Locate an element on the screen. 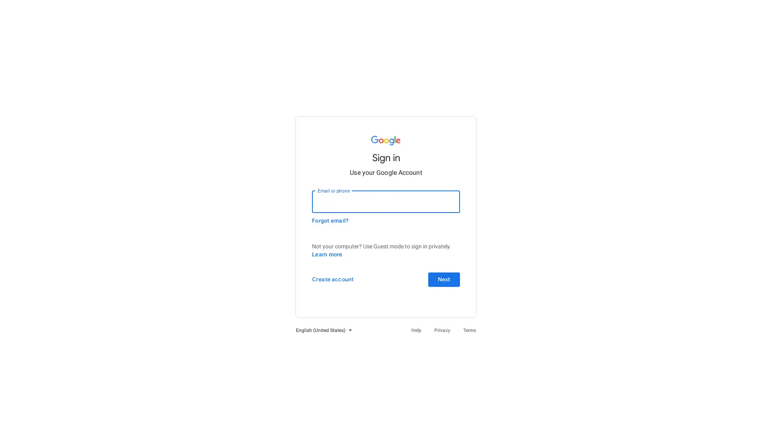 The width and height of the screenshot is (772, 434). Forgot email? is located at coordinates (330, 220).